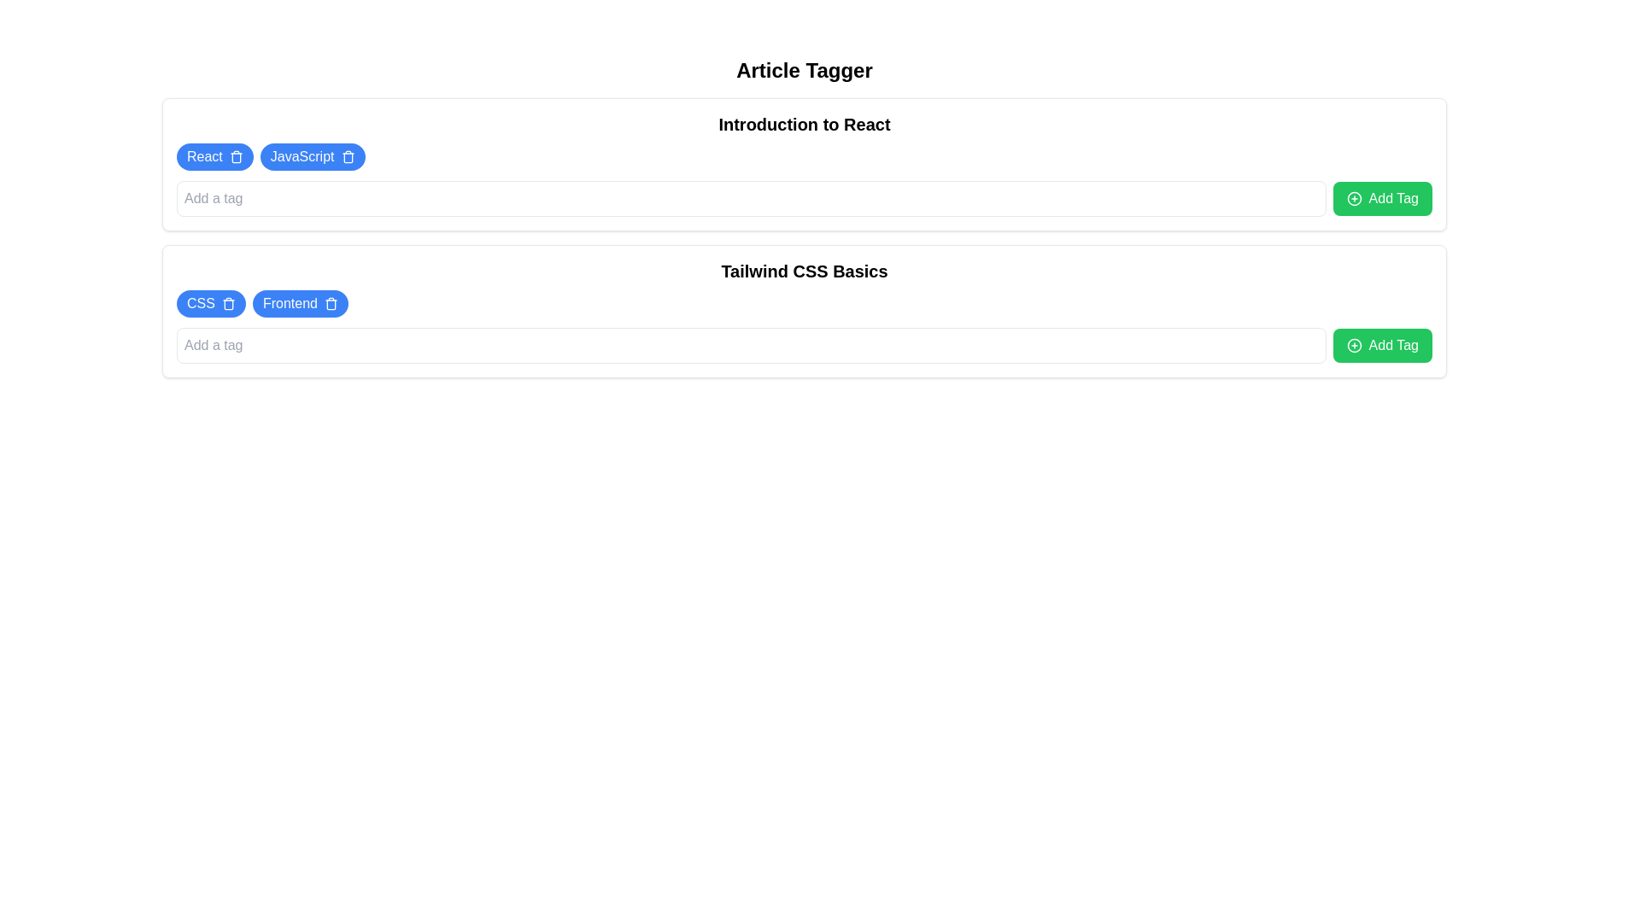 This screenshot has height=922, width=1640. Describe the element at coordinates (1353, 346) in the screenshot. I see `the circular outline icon associated with adding tags next to the 'Add Tag' button for the 'Tailwind CSS Basics' entry` at that location.